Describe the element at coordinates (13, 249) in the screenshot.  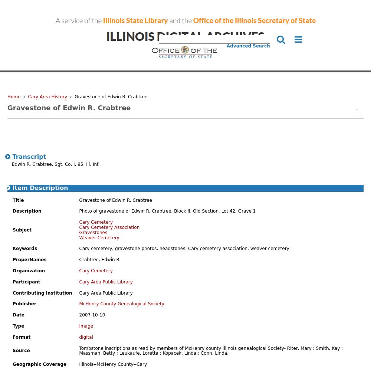
I see `'Keywords'` at that location.